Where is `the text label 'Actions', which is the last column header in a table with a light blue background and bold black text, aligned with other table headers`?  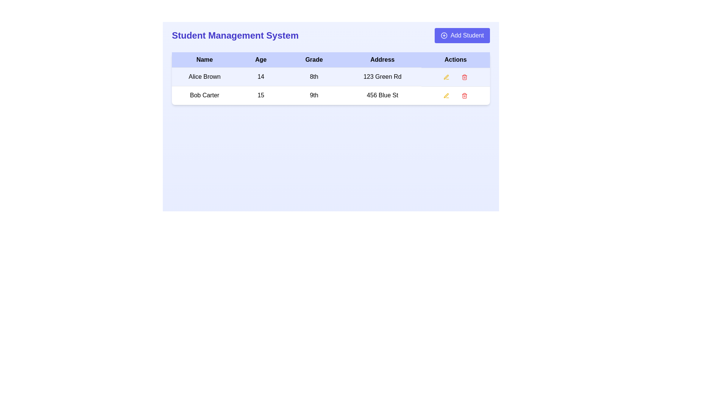 the text label 'Actions', which is the last column header in a table with a light blue background and bold black text, aligned with other table headers is located at coordinates (455, 59).